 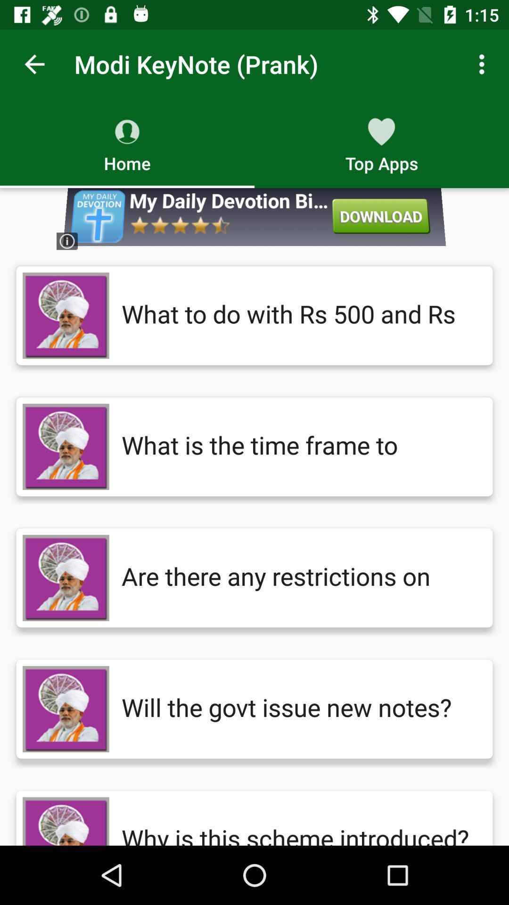 What do you see at coordinates (297, 821) in the screenshot?
I see `the why is this item` at bounding box center [297, 821].